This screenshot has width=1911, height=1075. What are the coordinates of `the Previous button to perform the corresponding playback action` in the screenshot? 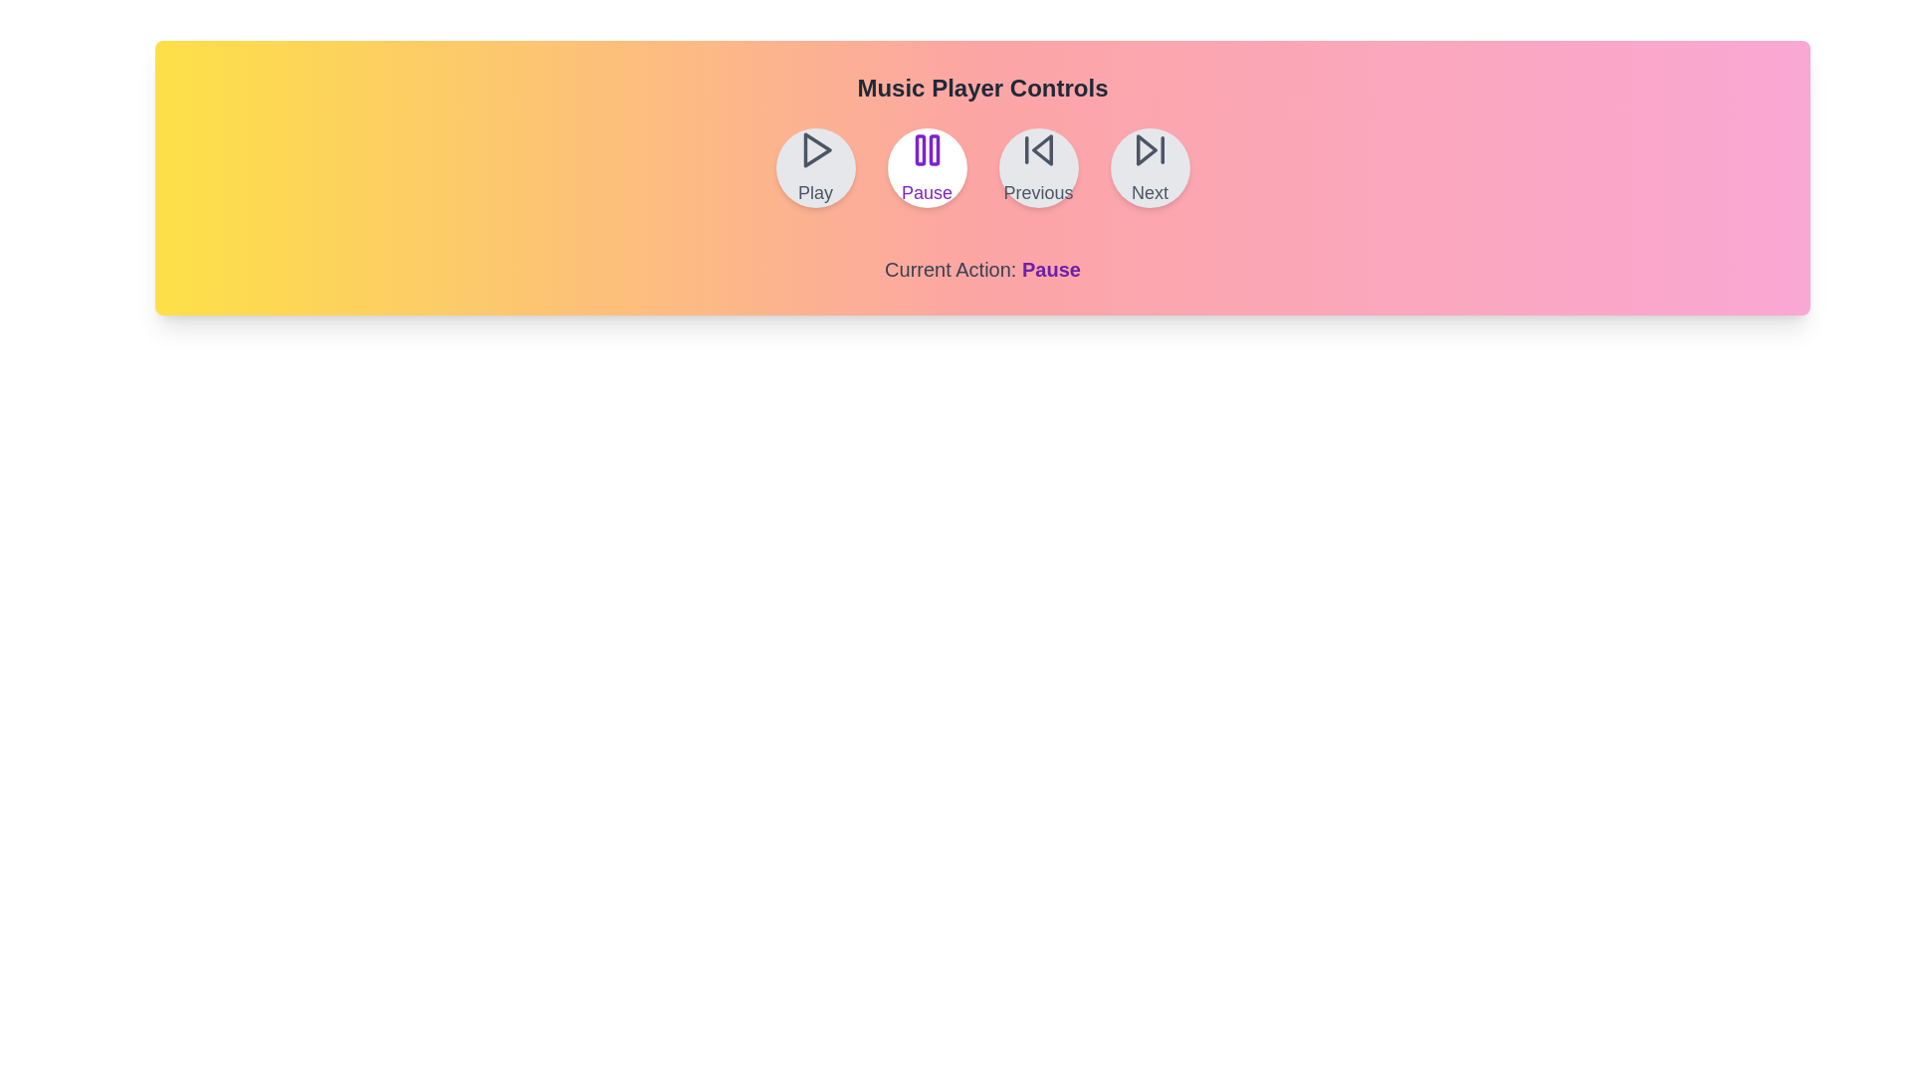 It's located at (1037, 167).